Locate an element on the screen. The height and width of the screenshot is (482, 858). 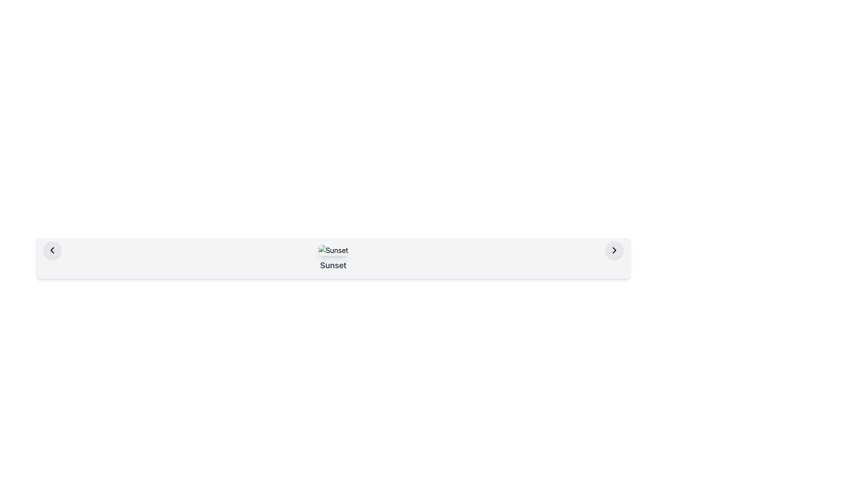
the leftward-facing chevron icon encased in a circular button with a light gray background to observe any hover effects is located at coordinates (51, 250).